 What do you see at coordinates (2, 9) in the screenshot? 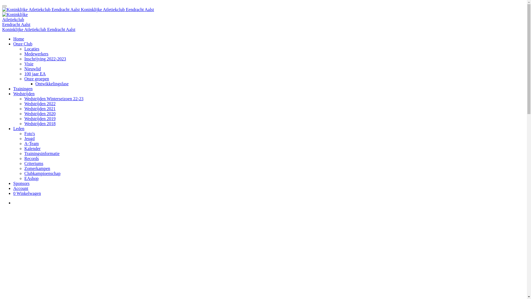
I see `'Koninklijke Atletiekclub Eendracht Aalst'` at bounding box center [2, 9].